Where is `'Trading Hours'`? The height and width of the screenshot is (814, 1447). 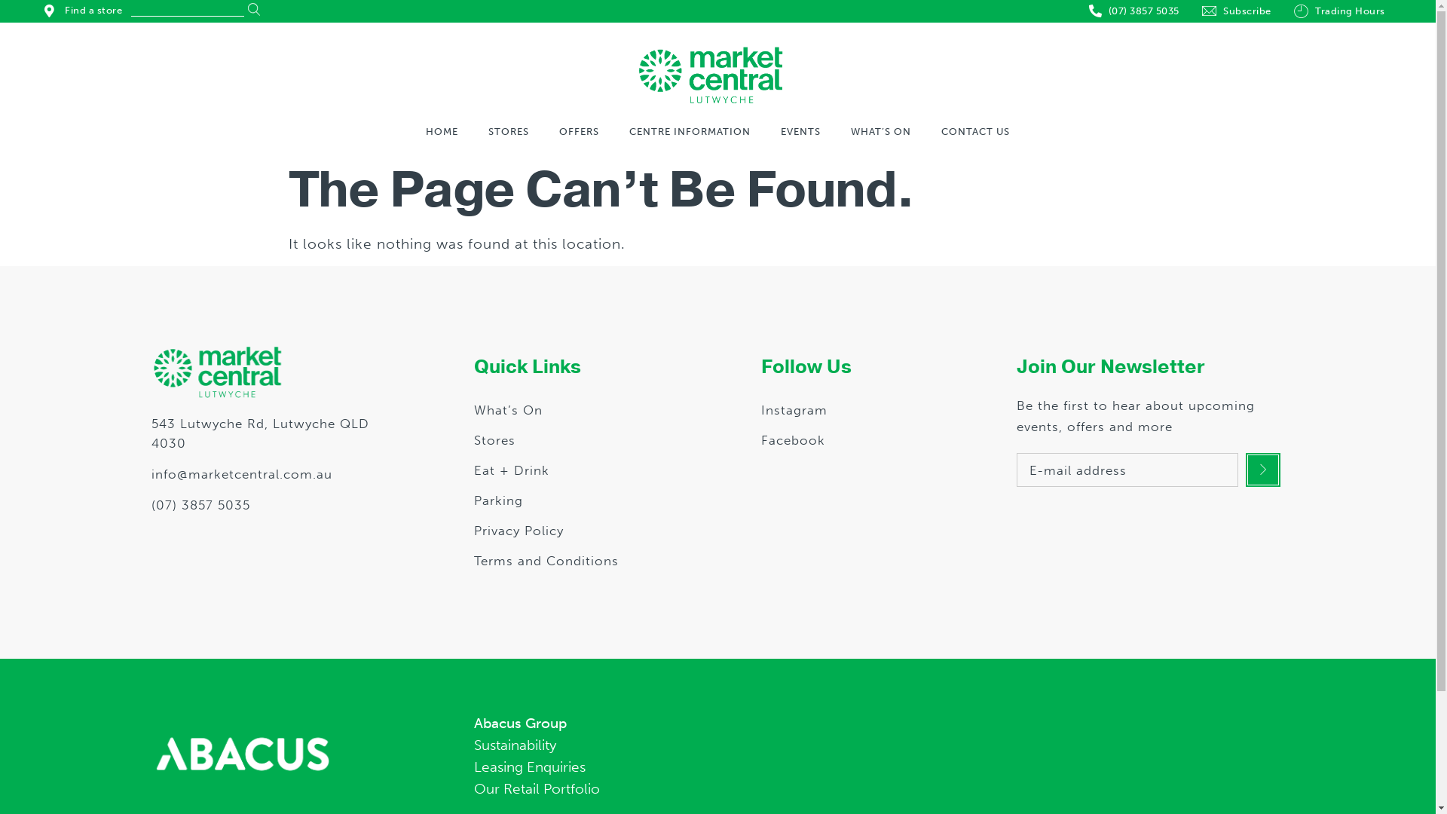
'Trading Hours' is located at coordinates (1339, 11).